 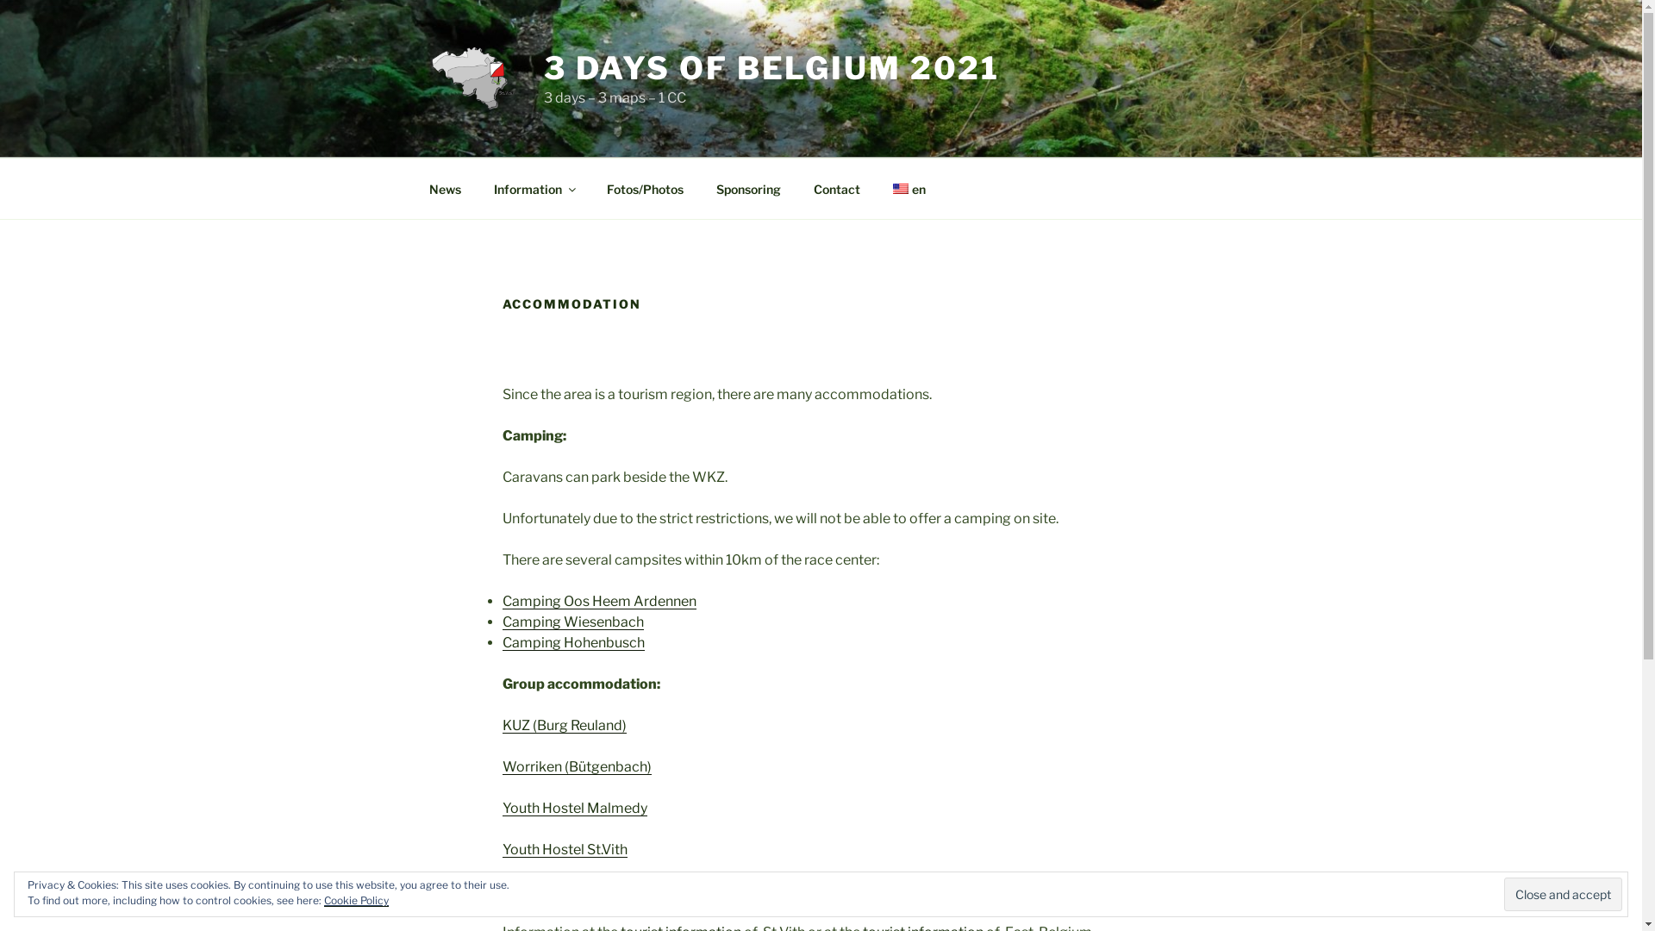 What do you see at coordinates (323, 899) in the screenshot?
I see `'Cookie Policy'` at bounding box center [323, 899].